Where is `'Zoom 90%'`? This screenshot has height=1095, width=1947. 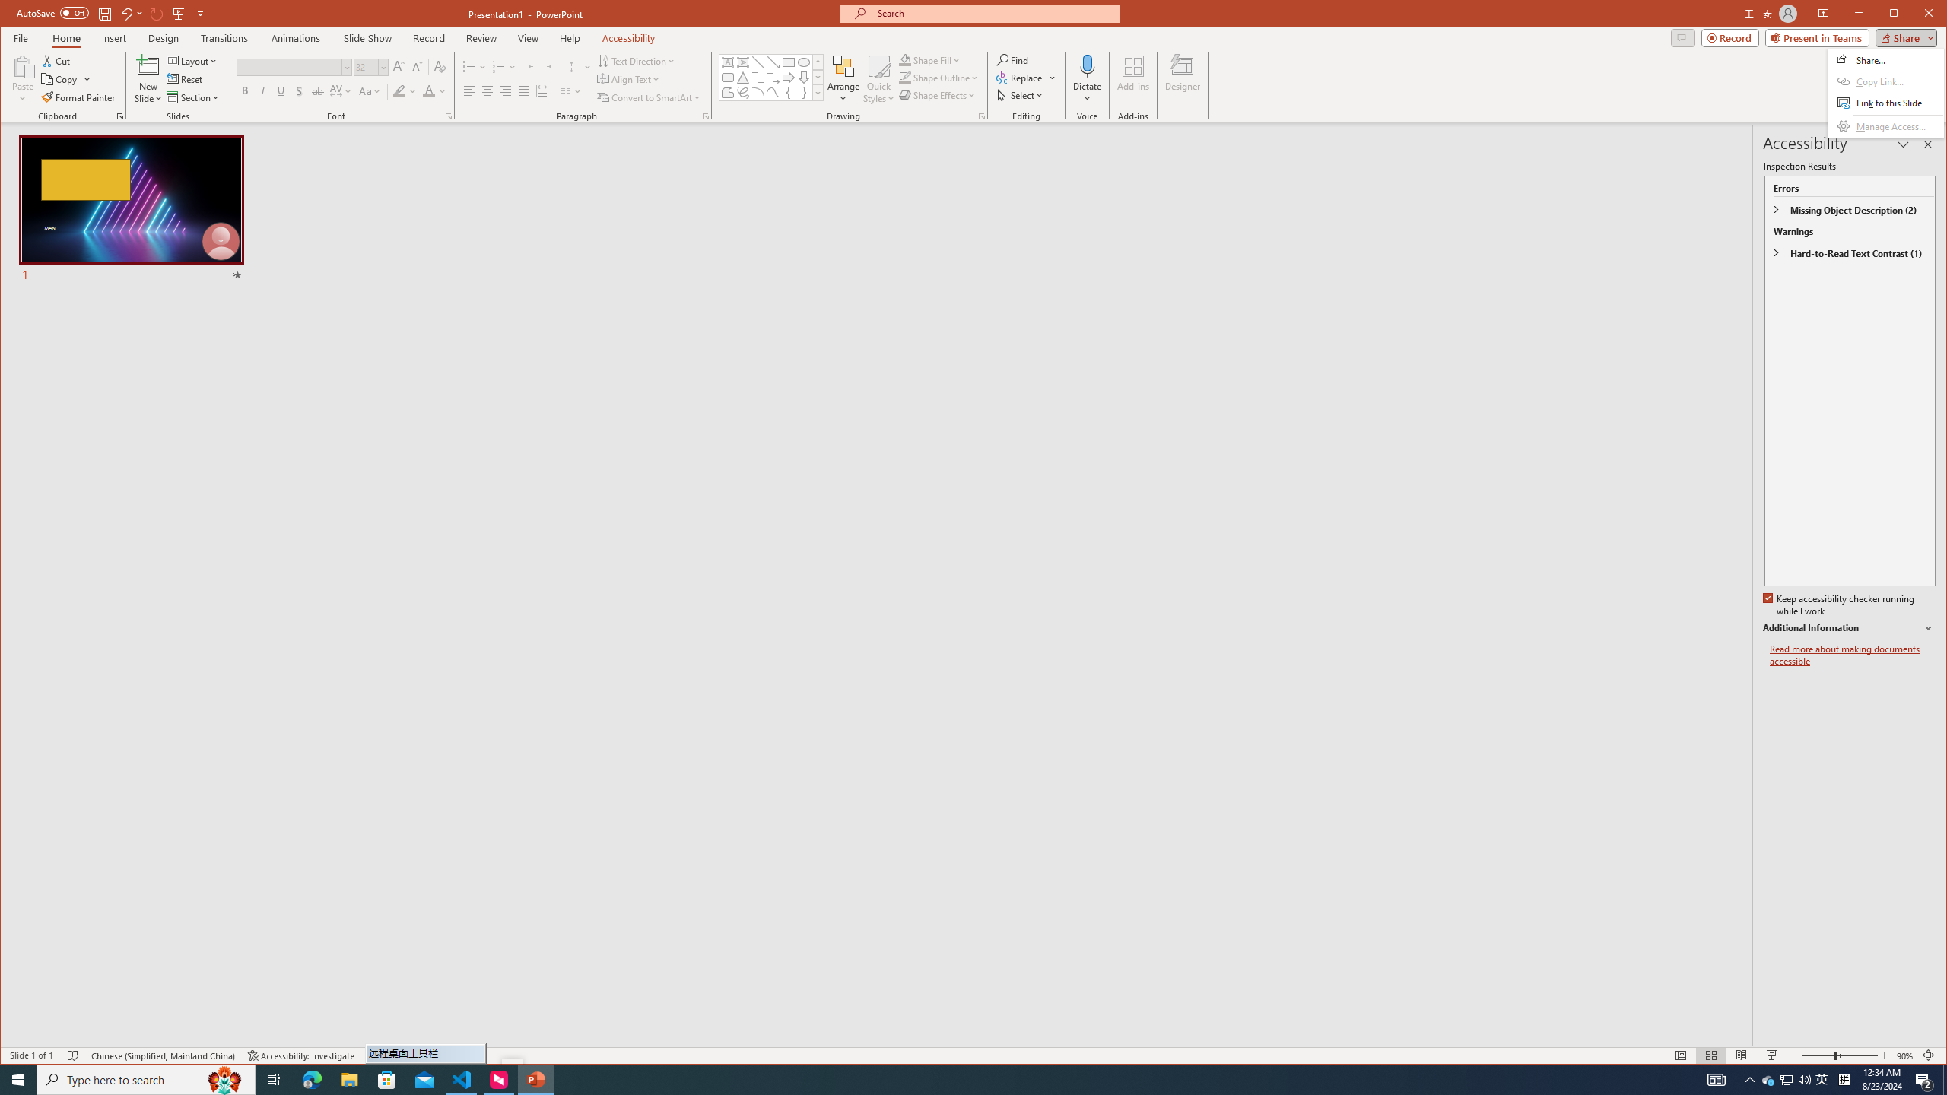 'Zoom 90%' is located at coordinates (1904, 1055).